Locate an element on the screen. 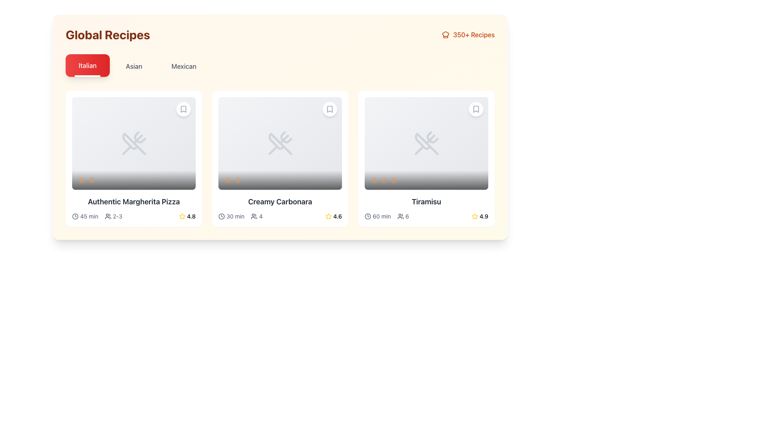 Image resolution: width=778 pixels, height=437 pixels. numeric rating value from the text label located at the bottom-right corner of the 'Creamy Carbonara' recipe card, next to the yellow star icon is located at coordinates (338, 216).